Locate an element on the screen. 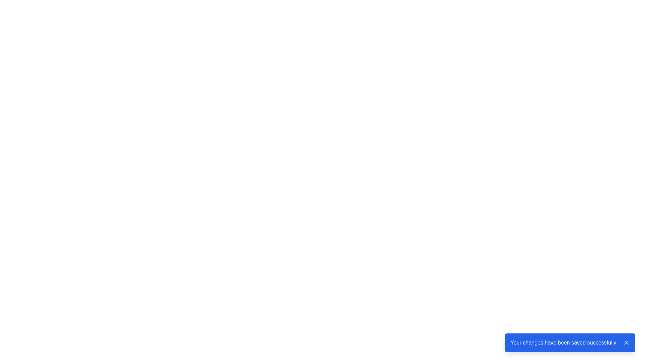  message displayed in the notification box with a blue background and white text stating 'Your changes have been saved successfully!' is located at coordinates (570, 342).